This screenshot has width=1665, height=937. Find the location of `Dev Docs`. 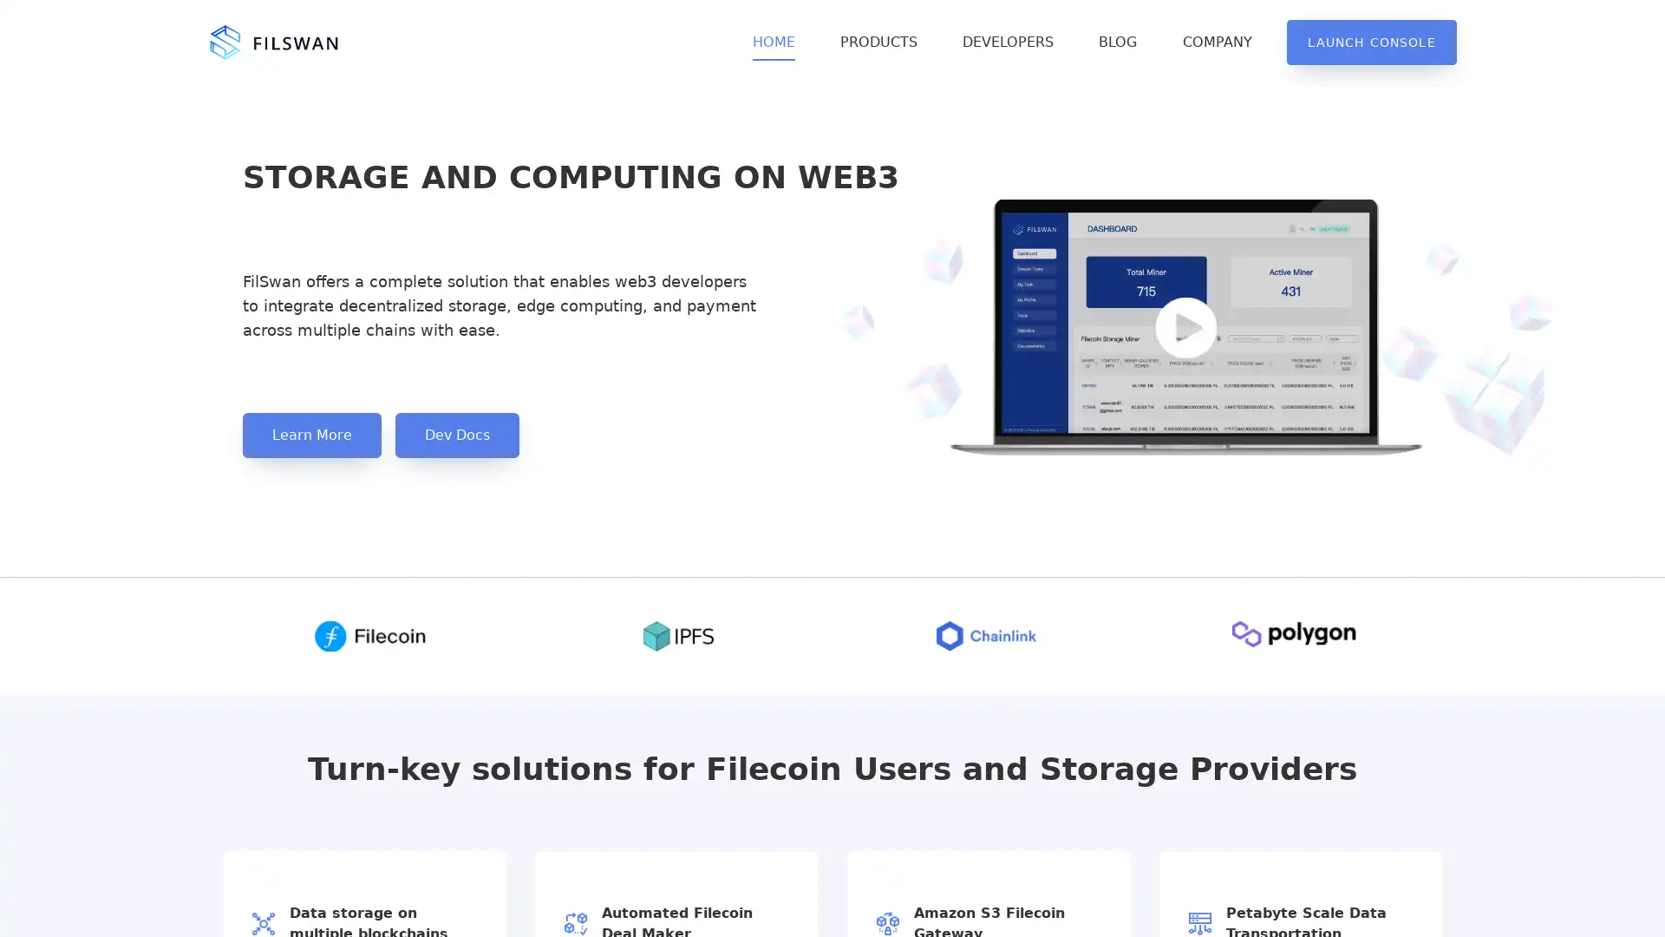

Dev Docs is located at coordinates (457, 434).